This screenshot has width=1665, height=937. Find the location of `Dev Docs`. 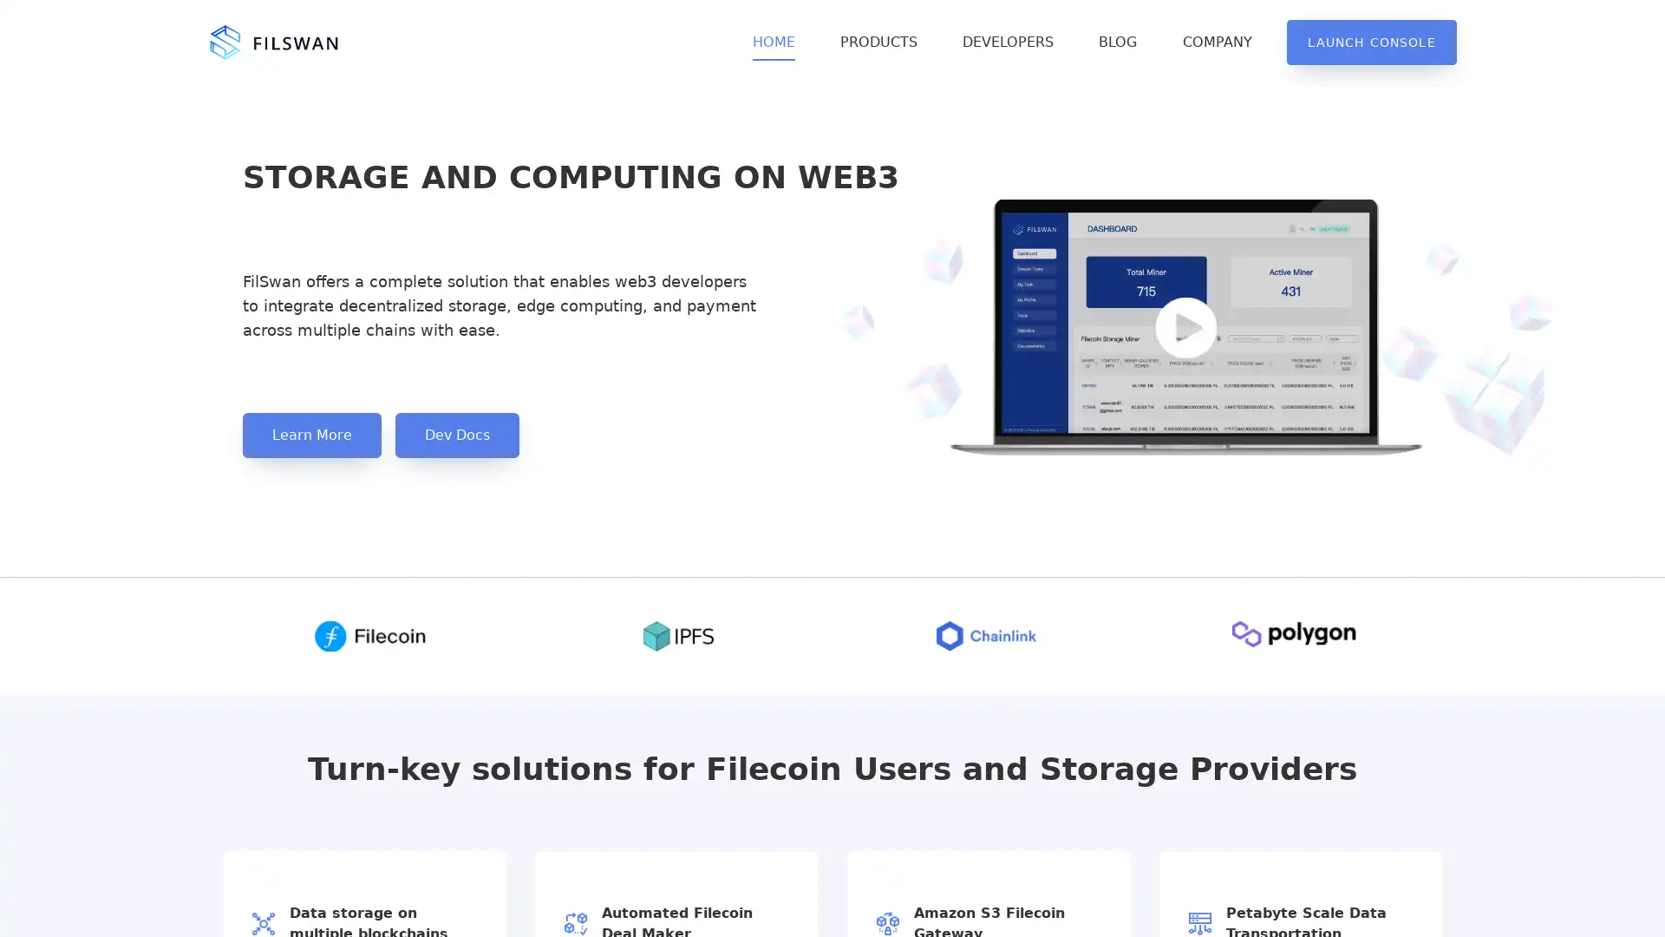

Dev Docs is located at coordinates (457, 434).